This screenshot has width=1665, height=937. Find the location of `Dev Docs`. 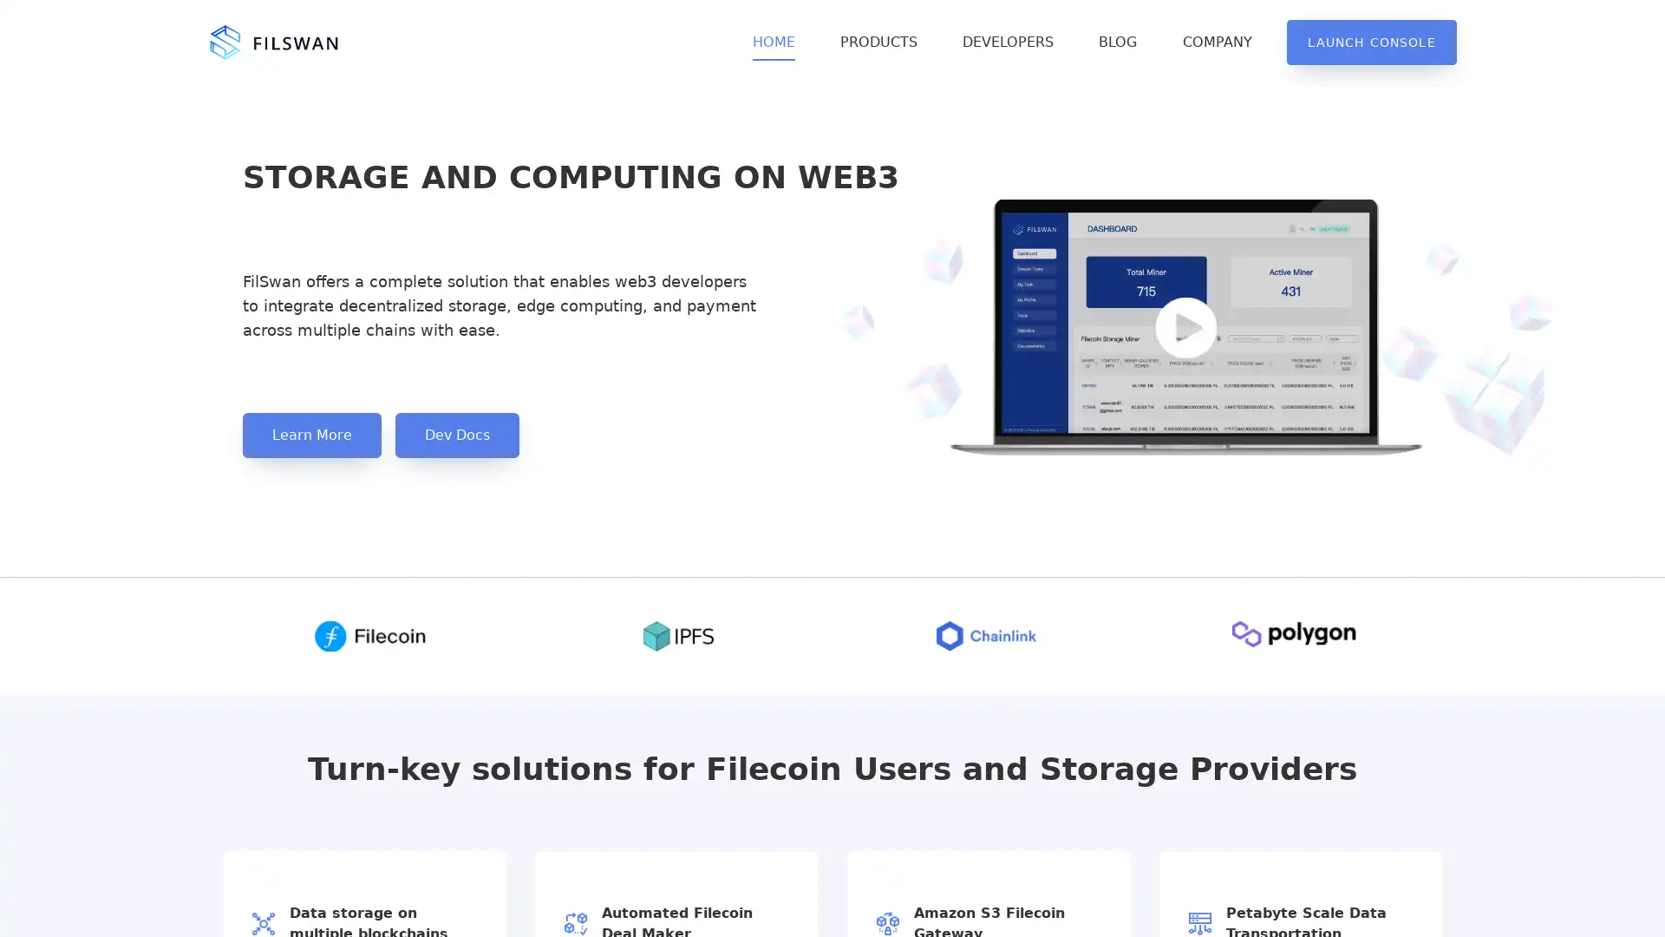

Dev Docs is located at coordinates (457, 434).